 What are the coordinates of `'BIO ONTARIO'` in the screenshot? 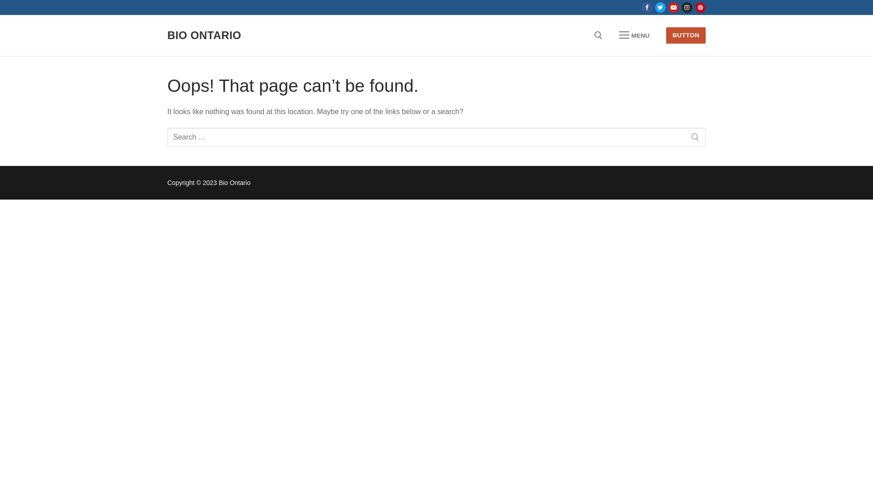 It's located at (167, 35).